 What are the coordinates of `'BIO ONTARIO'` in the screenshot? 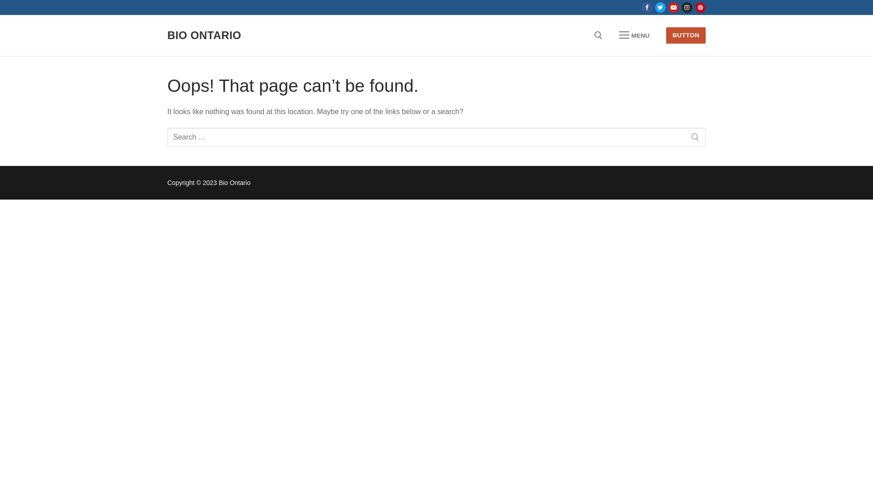 It's located at (167, 35).